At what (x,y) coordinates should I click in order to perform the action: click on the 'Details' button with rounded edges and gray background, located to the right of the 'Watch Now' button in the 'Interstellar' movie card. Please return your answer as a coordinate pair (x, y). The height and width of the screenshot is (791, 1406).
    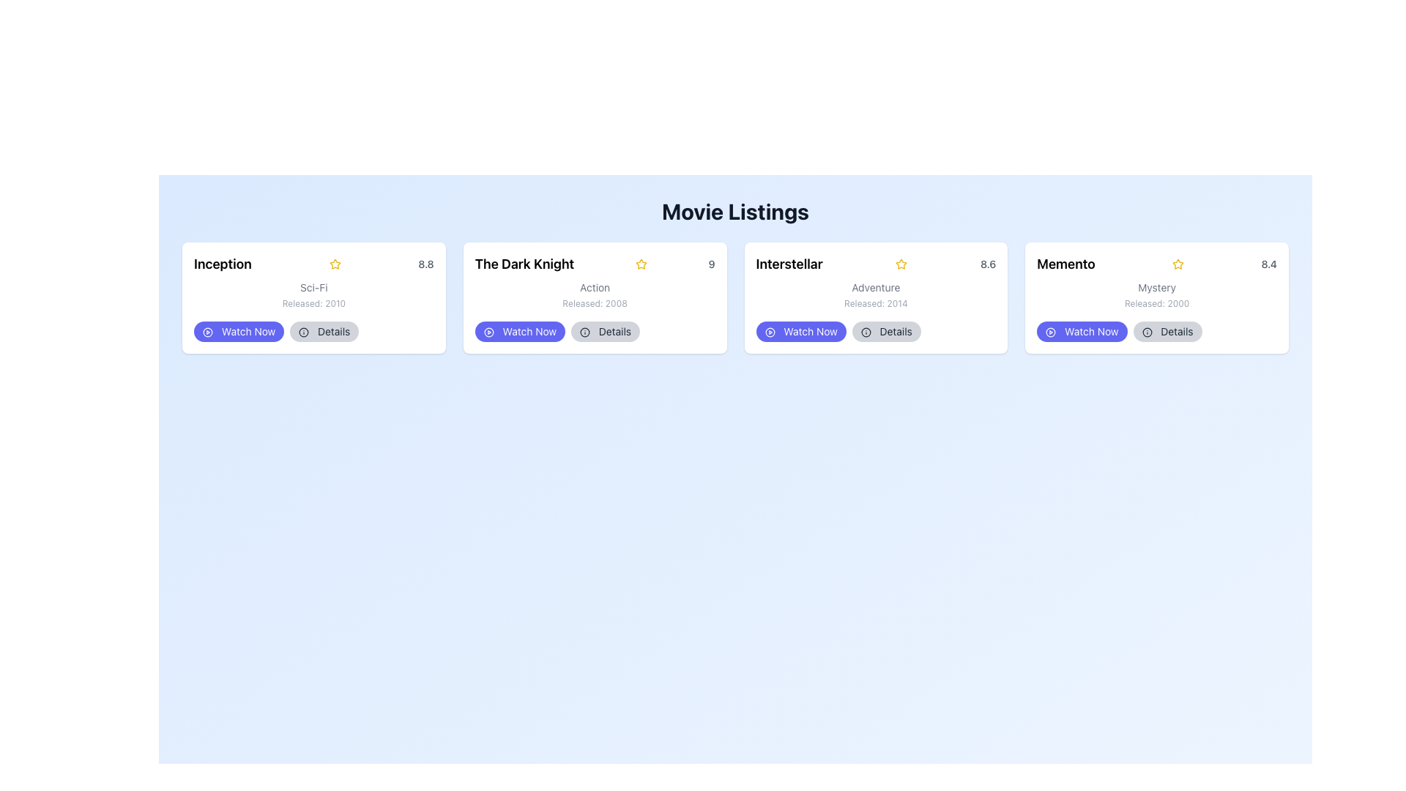
    Looking at the image, I should click on (876, 331).